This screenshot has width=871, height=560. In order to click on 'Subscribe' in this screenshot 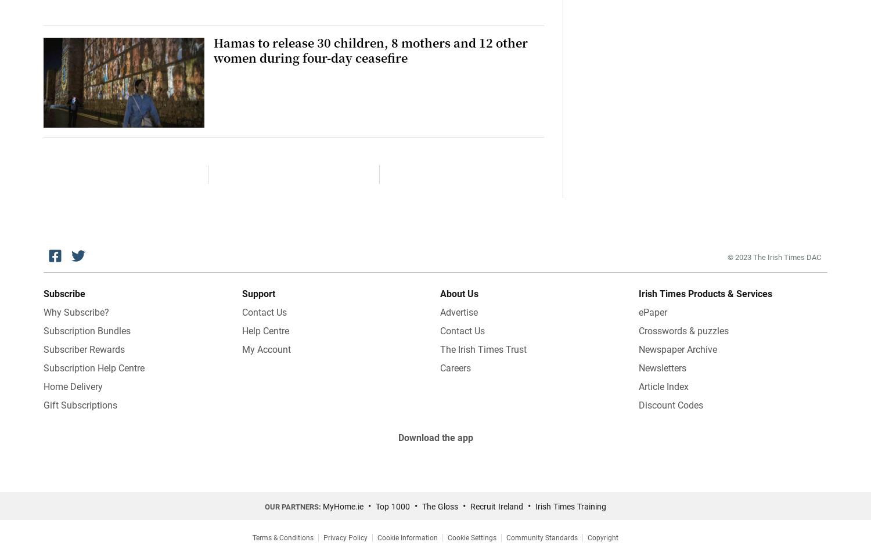, I will do `click(64, 294)`.